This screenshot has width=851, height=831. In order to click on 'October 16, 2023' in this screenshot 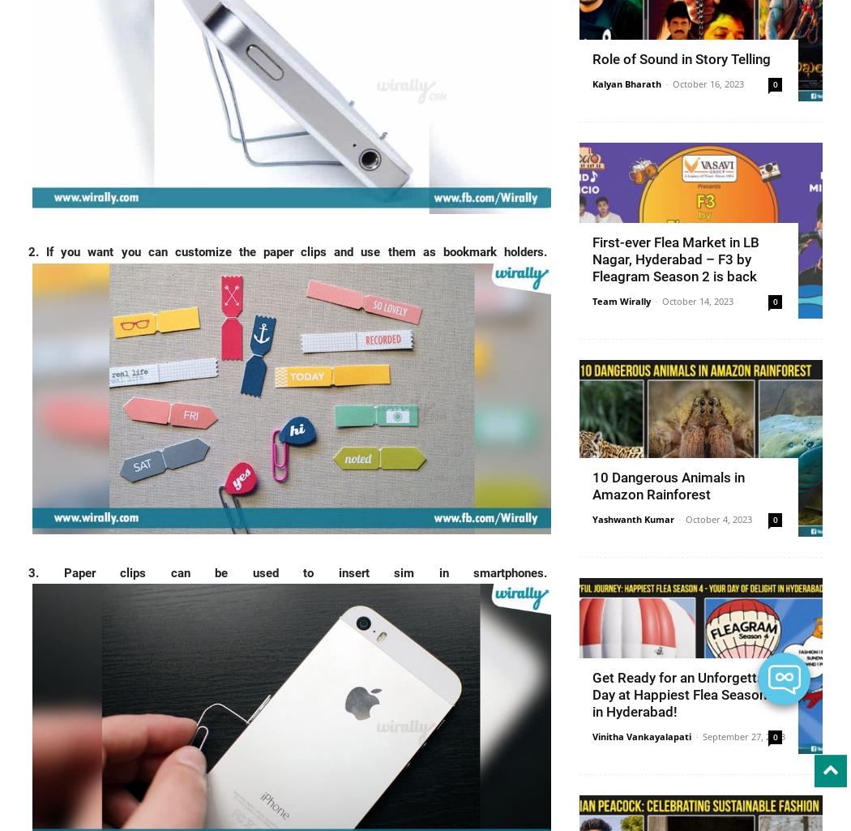, I will do `click(708, 83)`.